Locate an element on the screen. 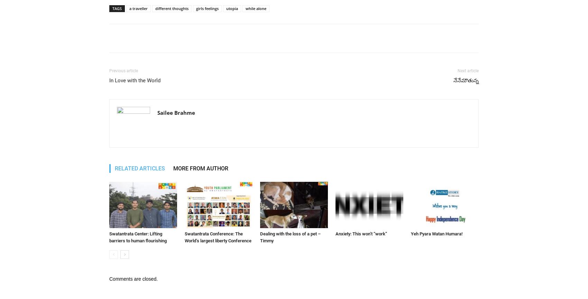  'MORE FROM AUTHOR' is located at coordinates (200, 168).